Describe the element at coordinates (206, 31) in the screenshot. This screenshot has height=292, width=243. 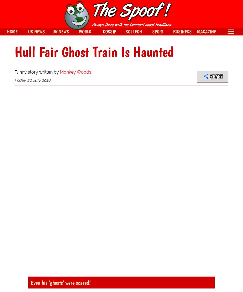
I see `'Magazine'` at that location.